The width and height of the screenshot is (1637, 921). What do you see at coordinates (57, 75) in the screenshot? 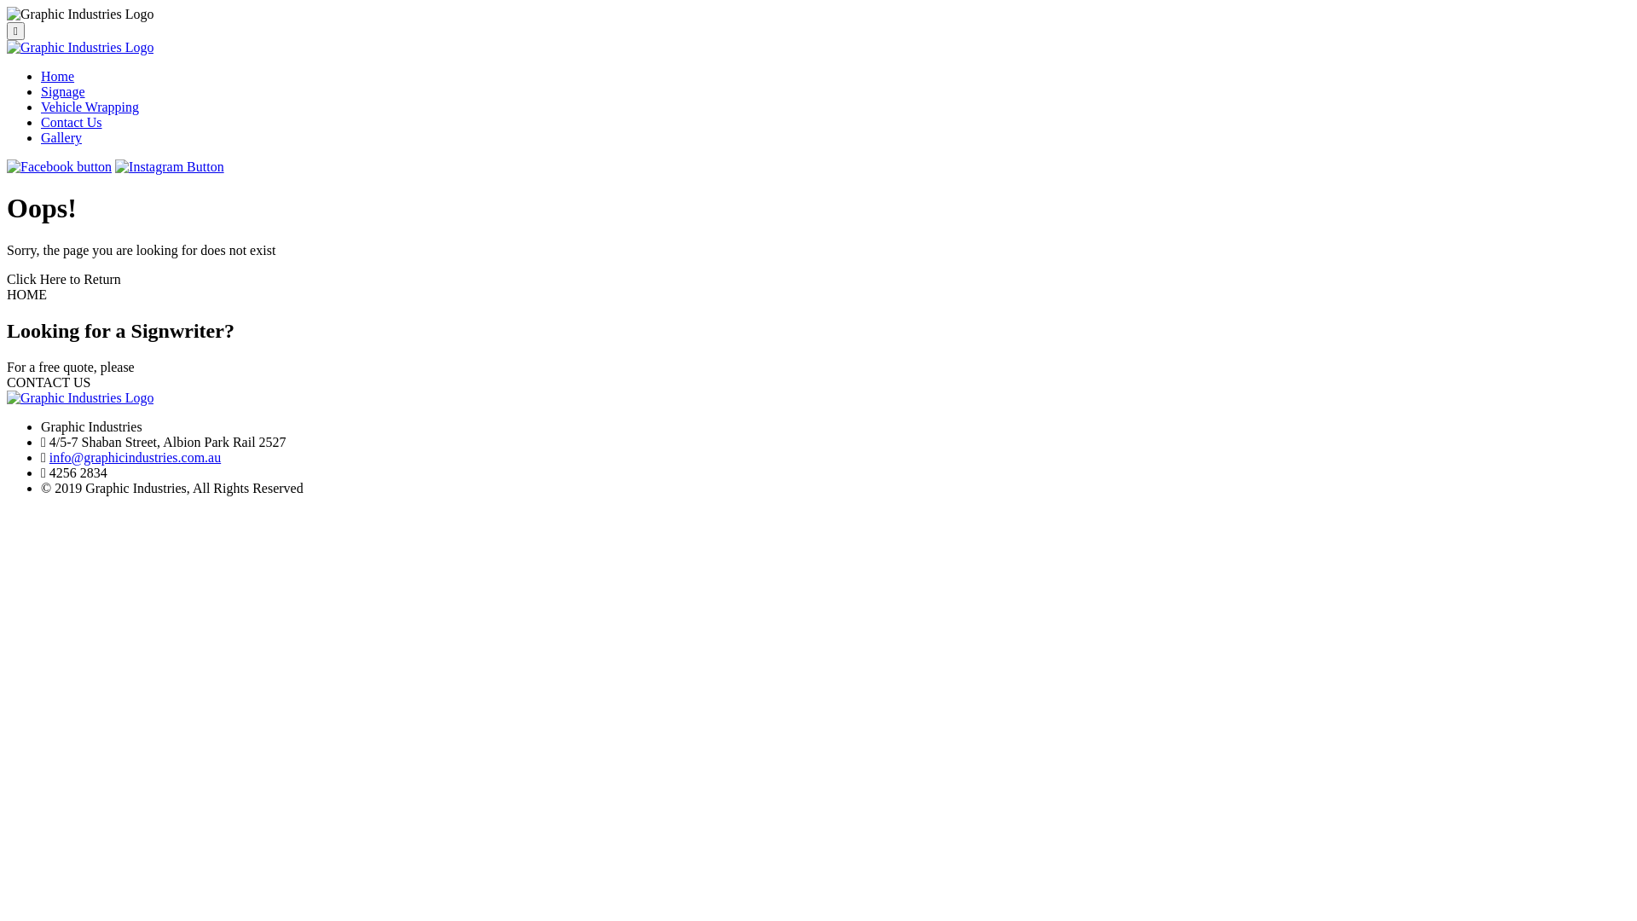
I see `'Home'` at bounding box center [57, 75].